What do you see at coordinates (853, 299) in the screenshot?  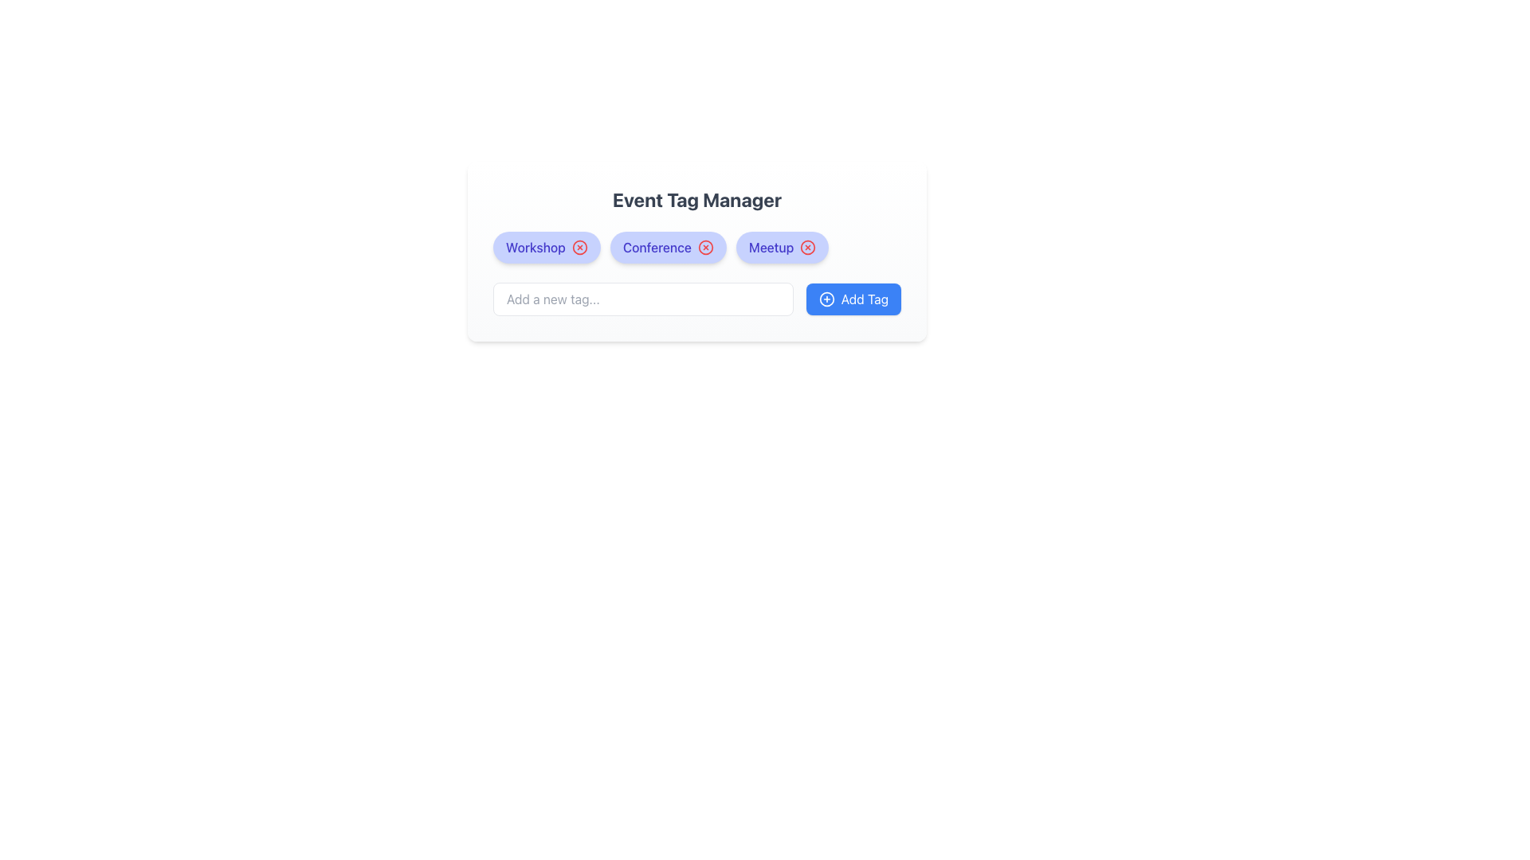 I see `the button that allows users` at bounding box center [853, 299].